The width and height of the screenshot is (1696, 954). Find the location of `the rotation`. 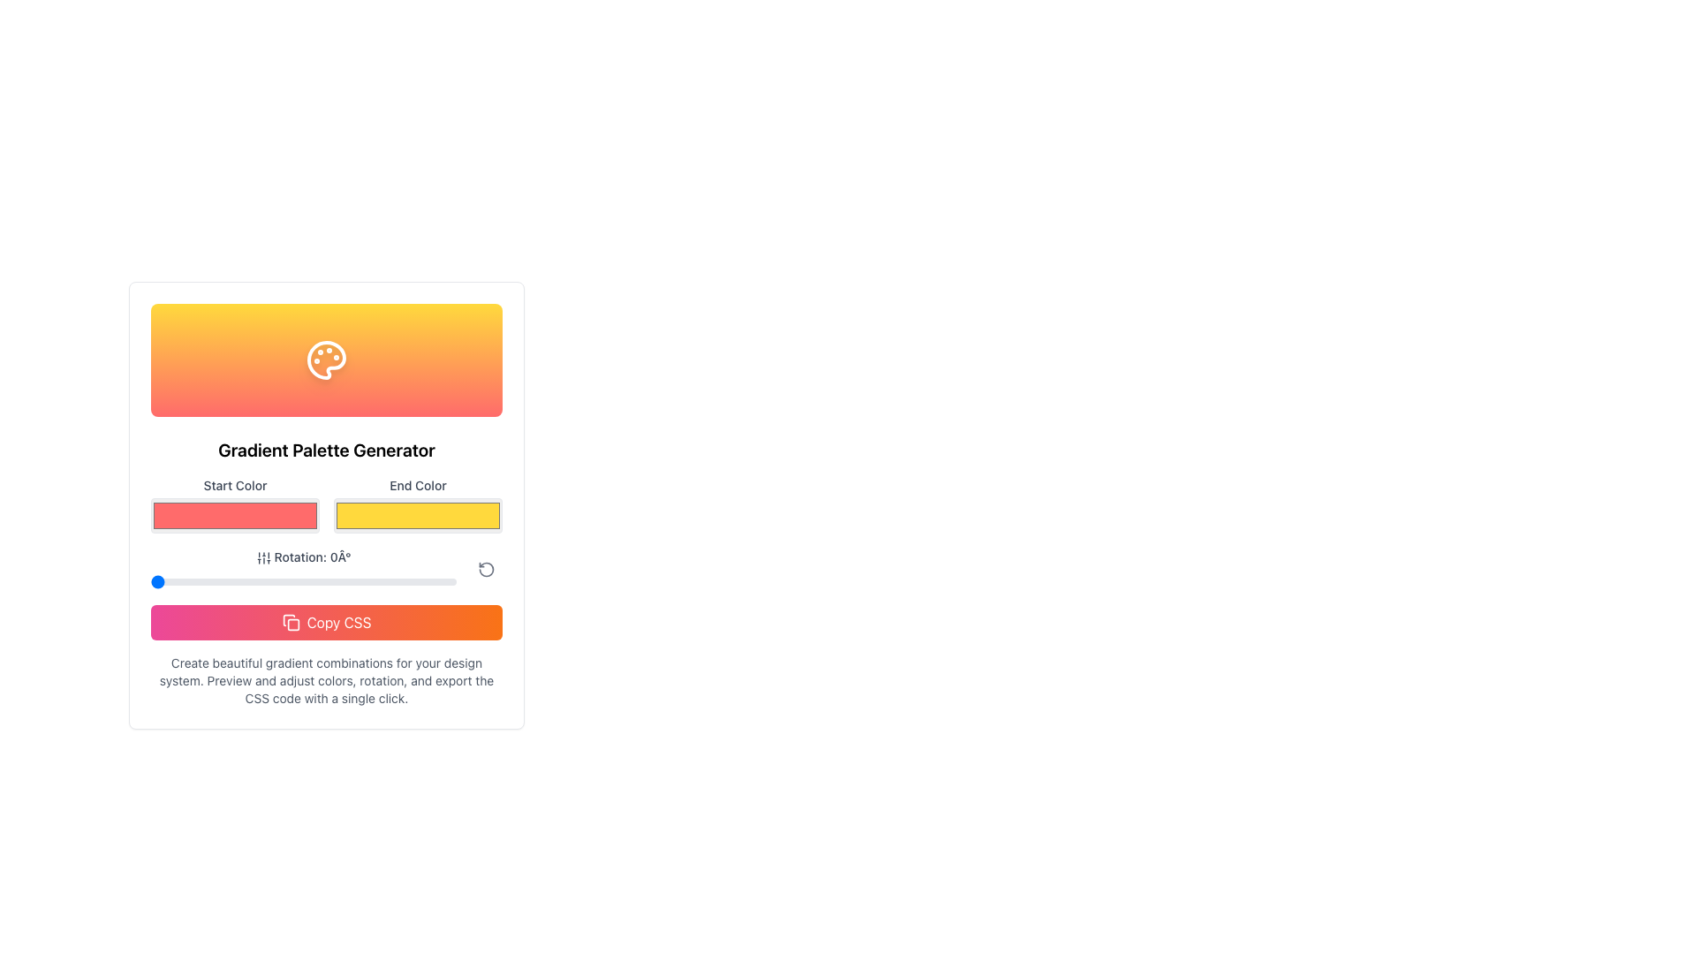

the rotation is located at coordinates (263, 582).